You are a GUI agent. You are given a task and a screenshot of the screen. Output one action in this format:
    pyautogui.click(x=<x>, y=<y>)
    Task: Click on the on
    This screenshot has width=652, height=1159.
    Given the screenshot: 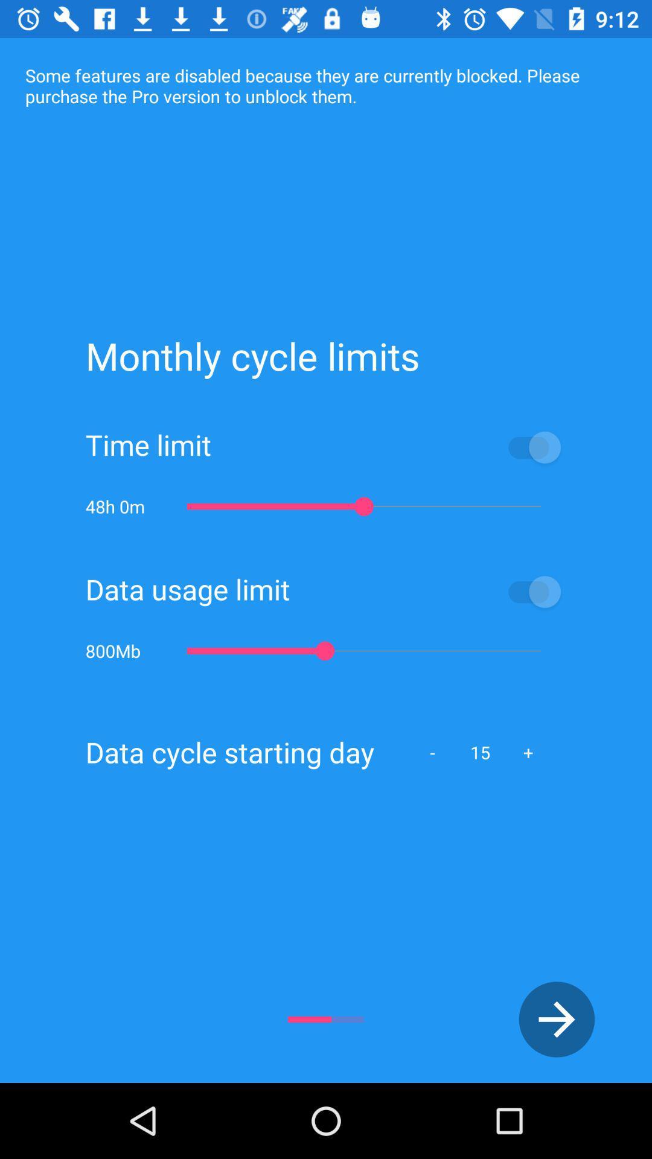 What is the action you would take?
    pyautogui.click(x=427, y=592)
    